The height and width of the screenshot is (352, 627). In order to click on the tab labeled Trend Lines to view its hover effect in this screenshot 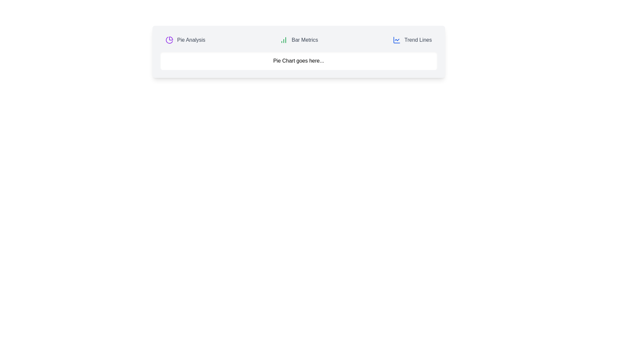, I will do `click(412, 40)`.